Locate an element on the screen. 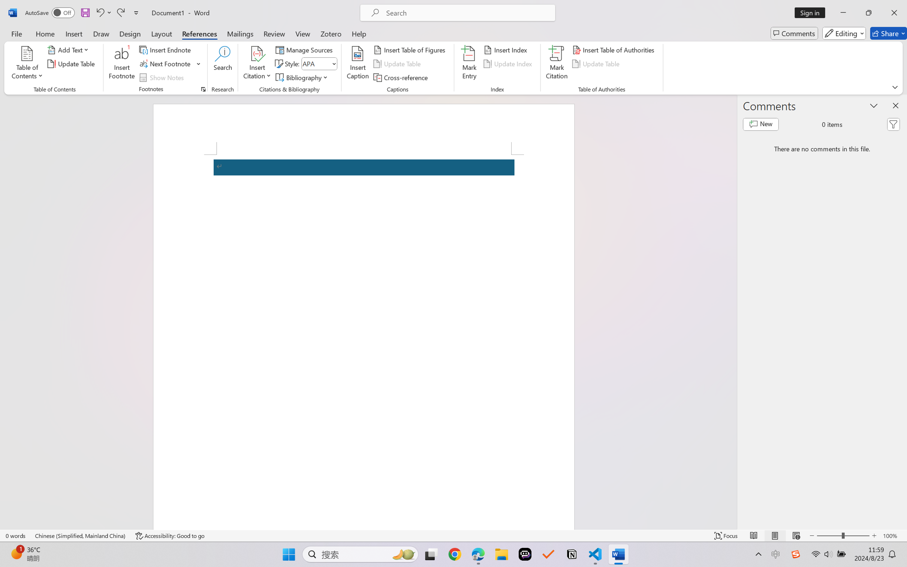 Image resolution: width=907 pixels, height=567 pixels. 'Next Footnote' is located at coordinates (170, 64).